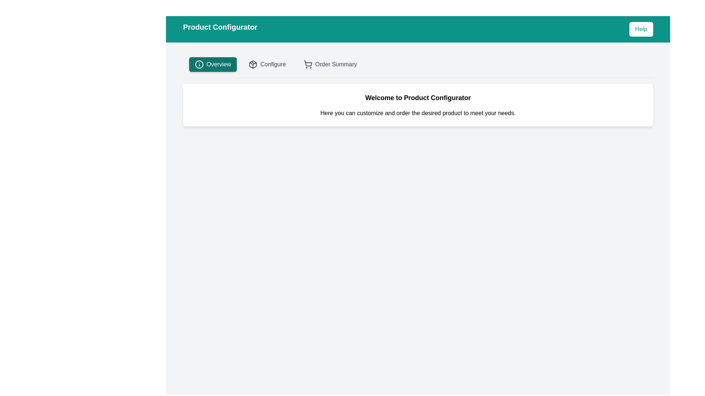 The image size is (705, 396). What do you see at coordinates (272, 64) in the screenshot?
I see `the 'Configure' text-based navigation button, which is displayed in gray font within the green top navigation bar` at bounding box center [272, 64].